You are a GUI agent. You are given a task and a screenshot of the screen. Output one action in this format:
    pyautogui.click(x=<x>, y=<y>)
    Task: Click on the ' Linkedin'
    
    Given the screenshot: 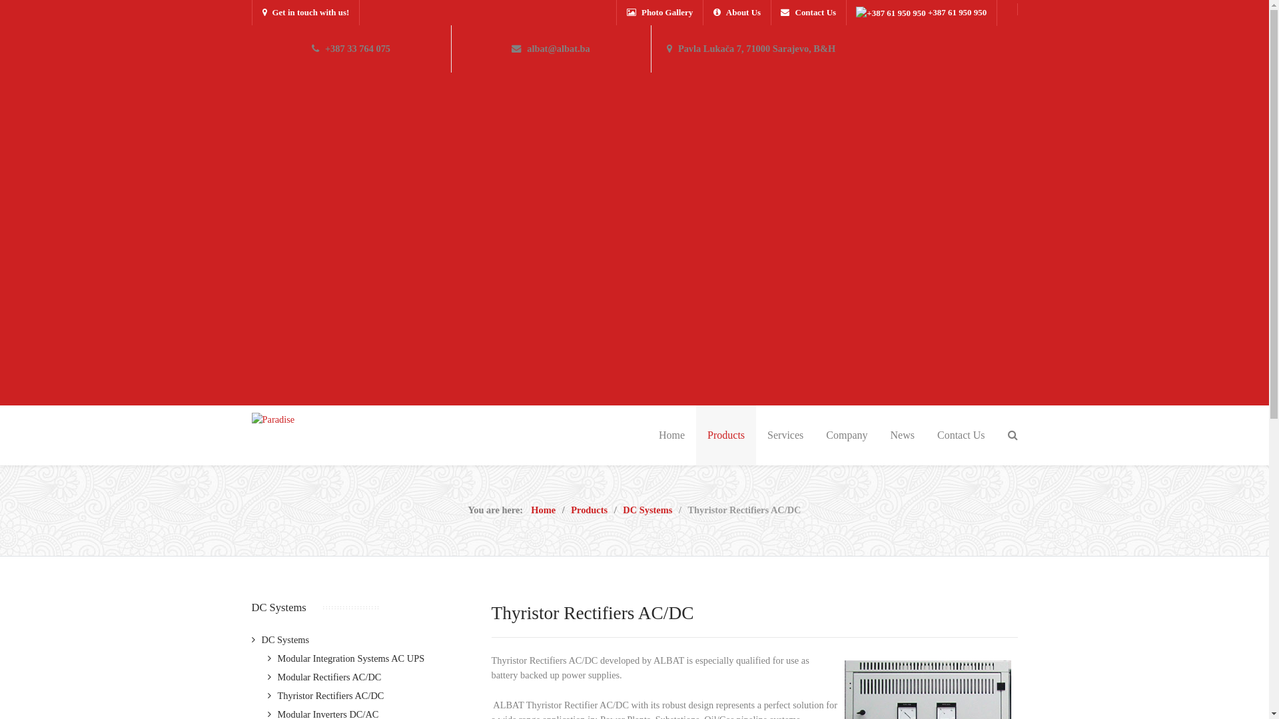 What is the action you would take?
    pyautogui.click(x=977, y=687)
    